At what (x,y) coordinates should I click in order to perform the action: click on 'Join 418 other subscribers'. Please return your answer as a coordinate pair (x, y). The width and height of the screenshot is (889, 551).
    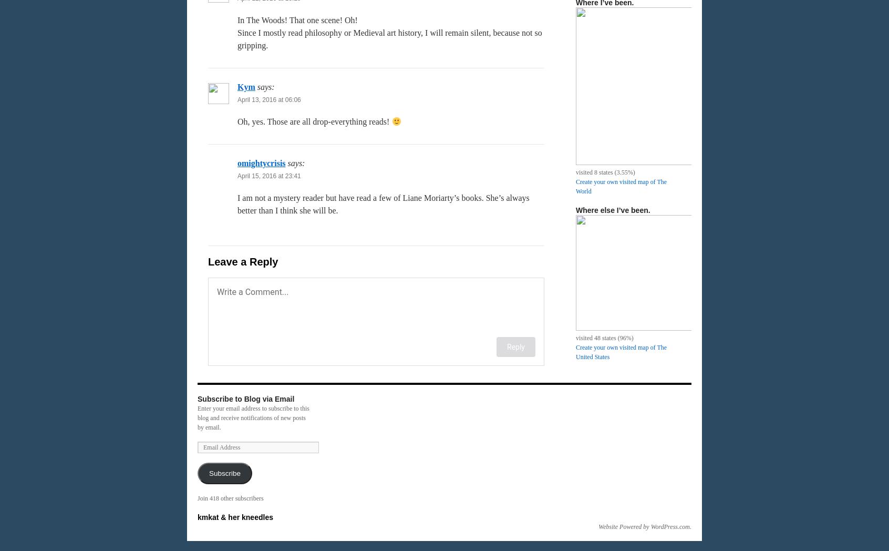
    Looking at the image, I should click on (230, 498).